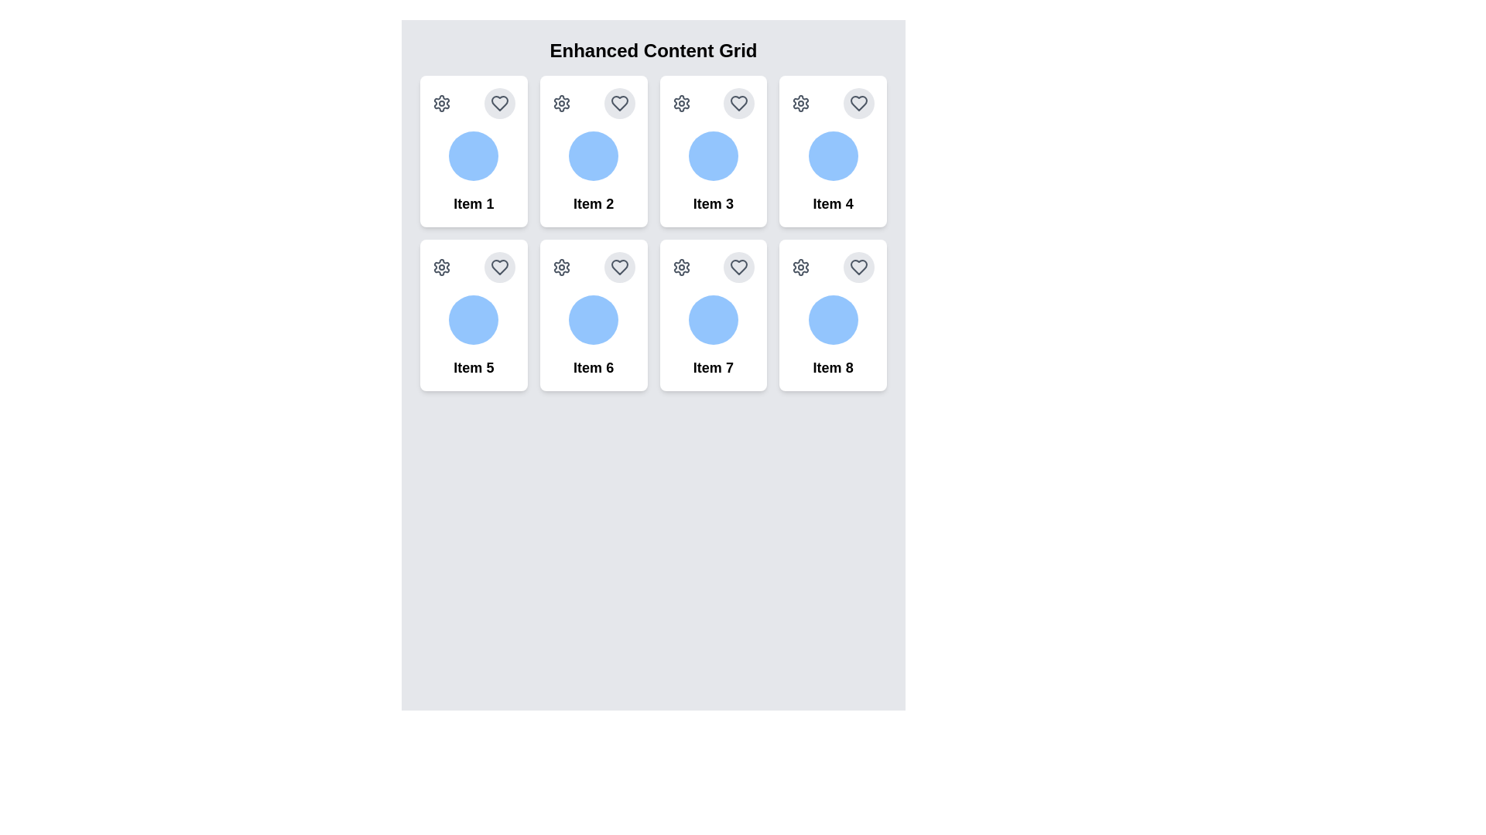  What do you see at coordinates (712, 155) in the screenshot?
I see `the decorative circular element inside the card labeled 'Item 3' located in the second row, third column of the grid layout` at bounding box center [712, 155].